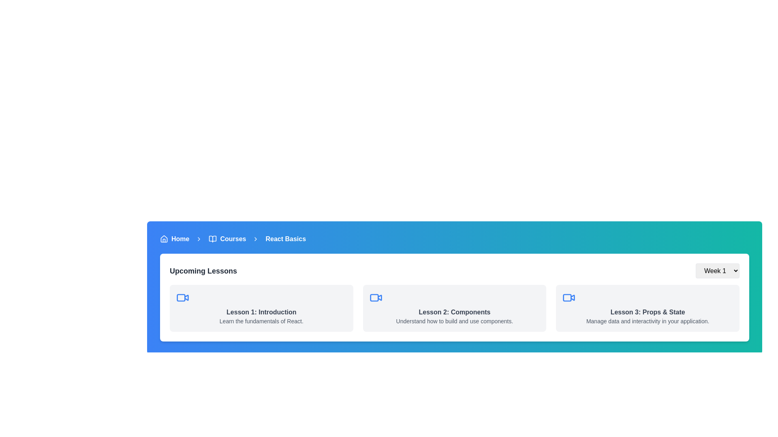 Image resolution: width=778 pixels, height=437 pixels. I want to click on the navigational icon representing books or lessons located in the breadcrumb navigation bar, which is the second icon from the left, so click(213, 238).